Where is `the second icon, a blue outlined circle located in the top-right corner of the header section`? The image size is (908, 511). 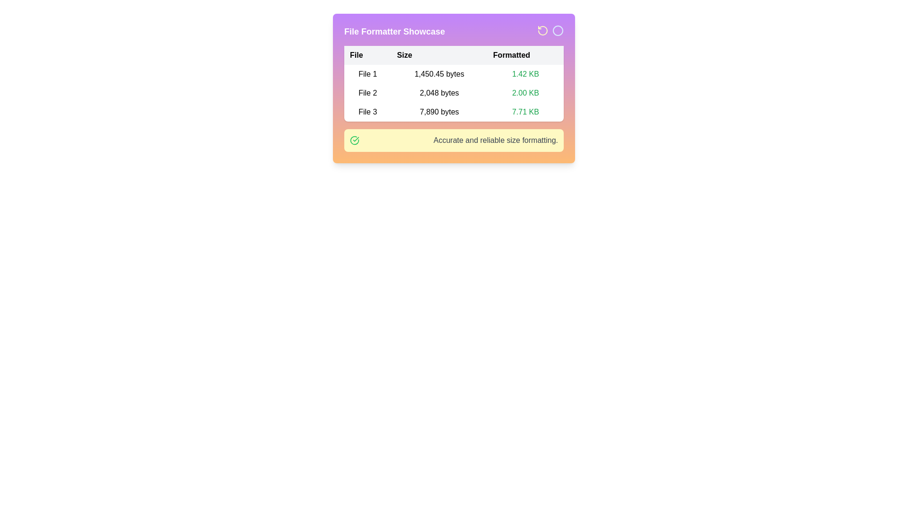 the second icon, a blue outlined circle located in the top-right corner of the header section is located at coordinates (558, 30).